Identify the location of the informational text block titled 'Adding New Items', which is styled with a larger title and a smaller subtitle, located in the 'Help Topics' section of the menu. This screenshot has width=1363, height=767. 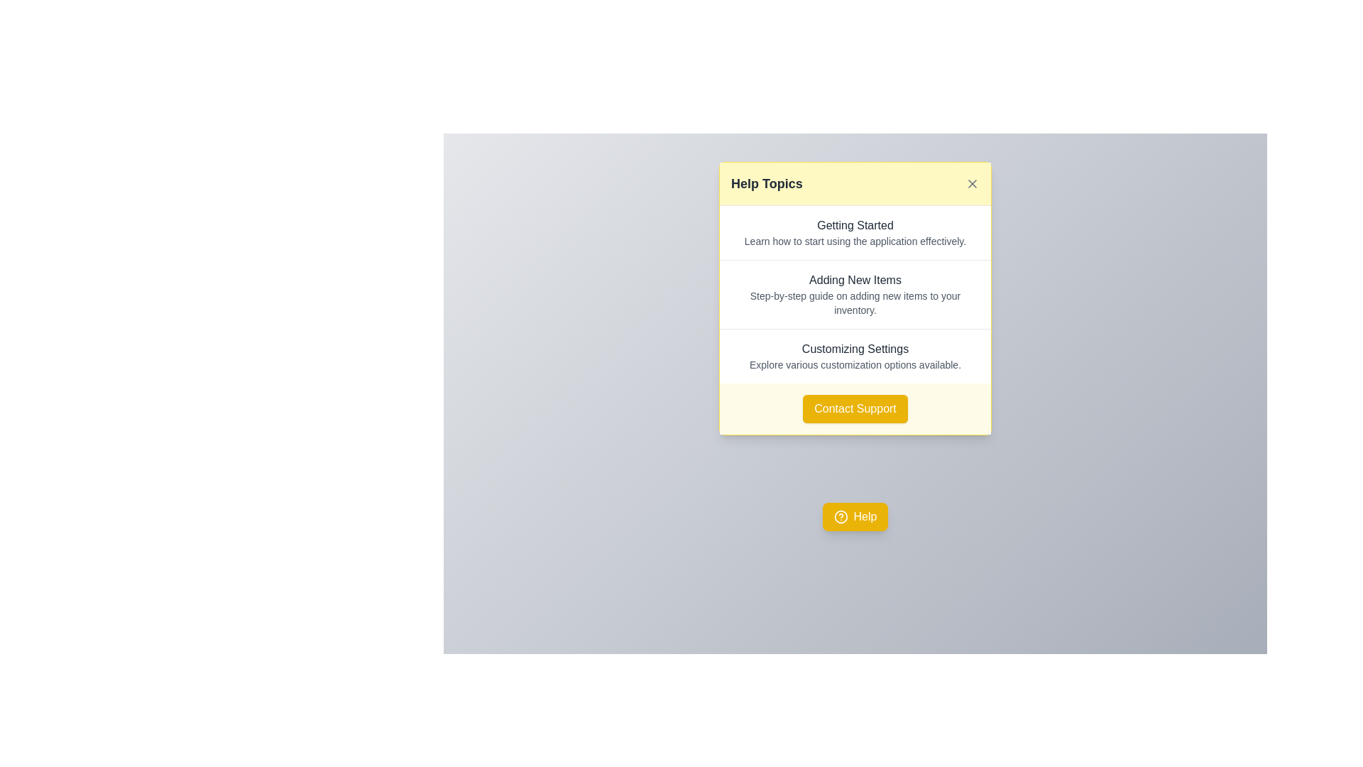
(854, 293).